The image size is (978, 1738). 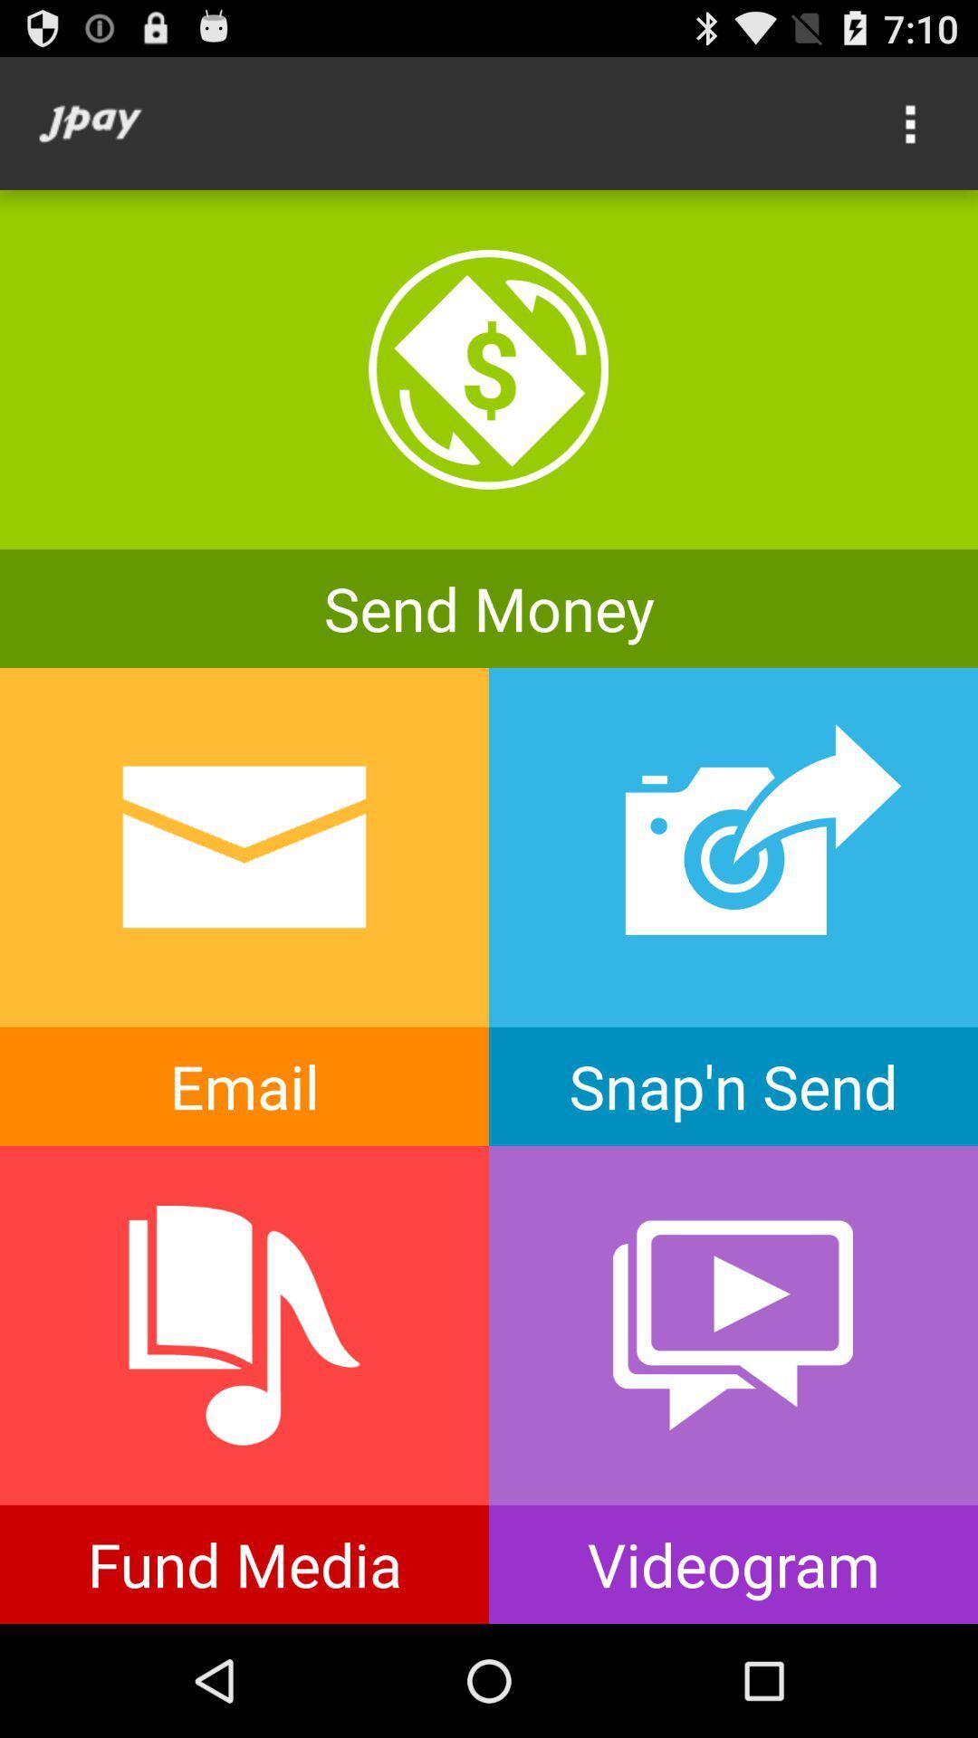 What do you see at coordinates (90, 122) in the screenshot?
I see `home page` at bounding box center [90, 122].